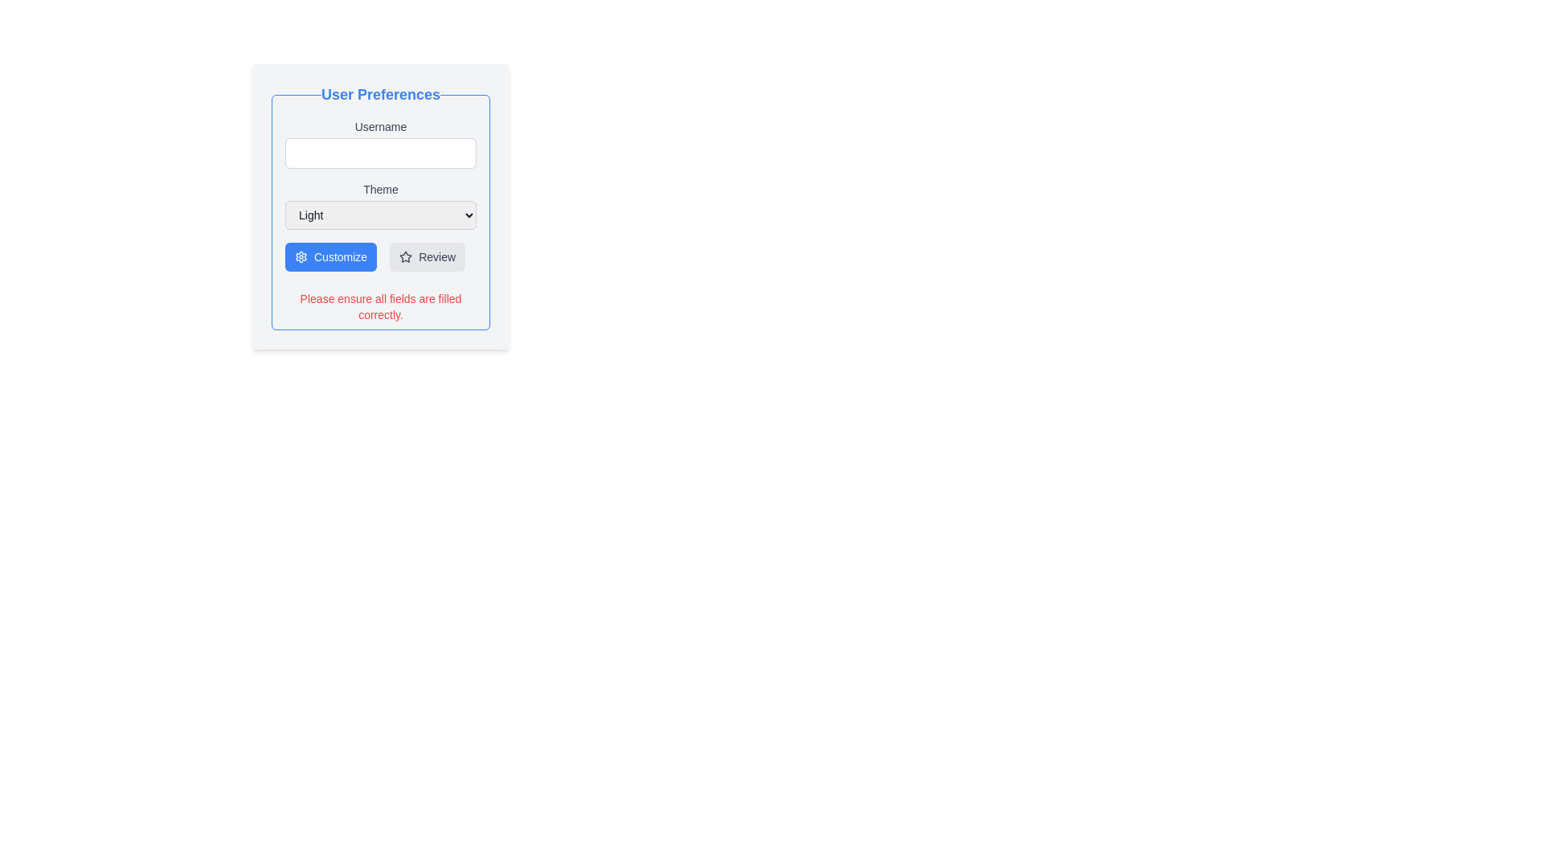  I want to click on the text label that serves as a descriptive heading for the input field below it, which is centrally aligned in the user's view, so click(380, 126).